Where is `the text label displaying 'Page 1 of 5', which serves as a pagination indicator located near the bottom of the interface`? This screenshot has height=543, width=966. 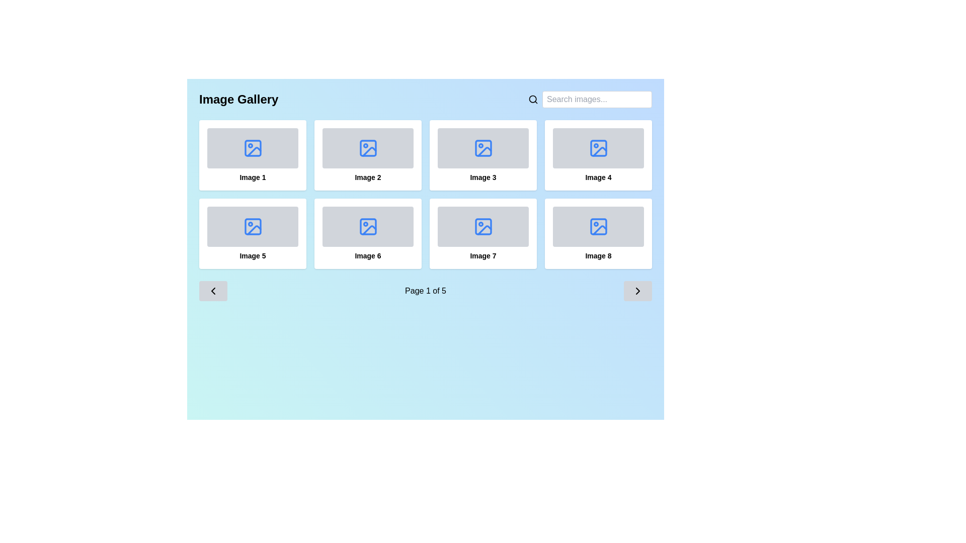 the text label displaying 'Page 1 of 5', which serves as a pagination indicator located near the bottom of the interface is located at coordinates (425, 291).